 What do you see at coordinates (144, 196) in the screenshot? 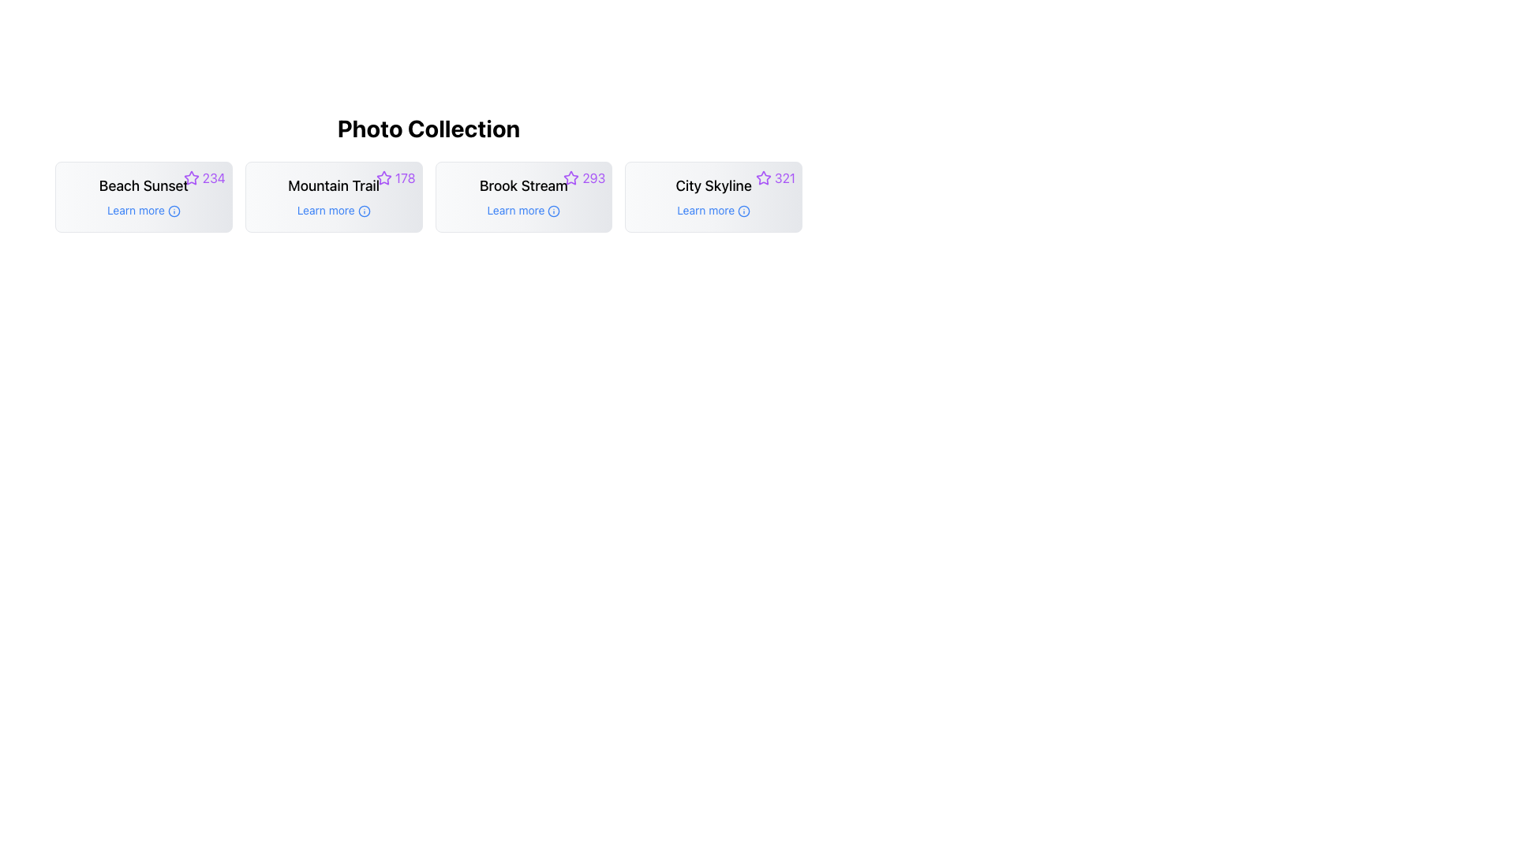
I see `the 'Beach Sunset' card element which includes a heading and a 'Learn more' hyperlink, positioned as the leftmost card in the 'Photo Collection'` at bounding box center [144, 196].